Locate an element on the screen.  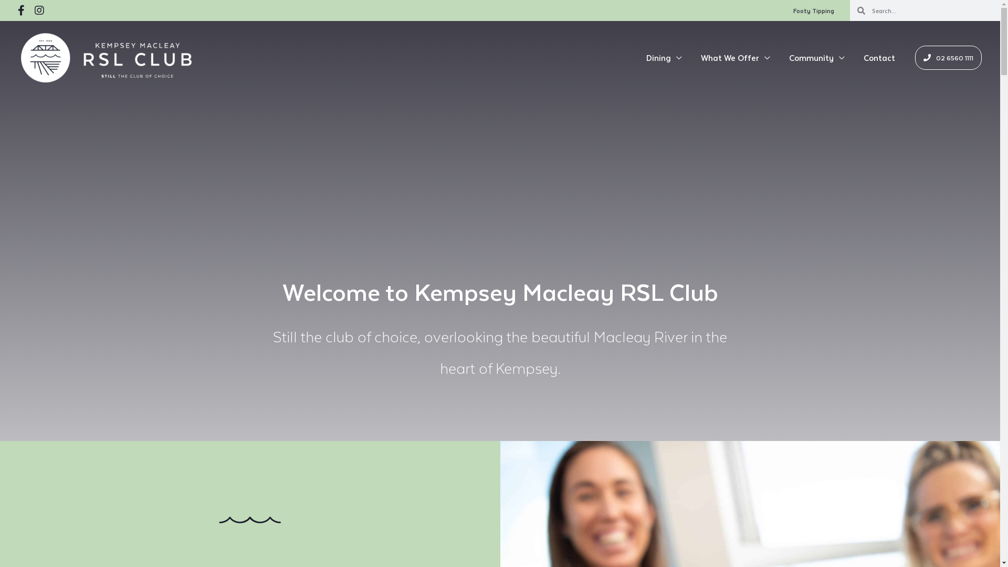
'Dining' is located at coordinates (664, 58).